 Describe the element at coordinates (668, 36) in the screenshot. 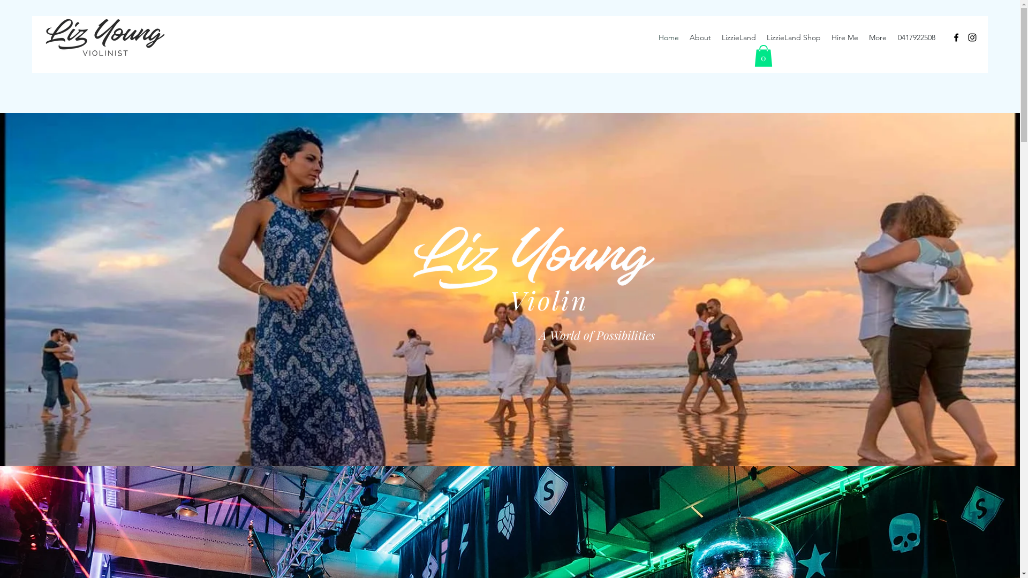

I see `'Home'` at that location.